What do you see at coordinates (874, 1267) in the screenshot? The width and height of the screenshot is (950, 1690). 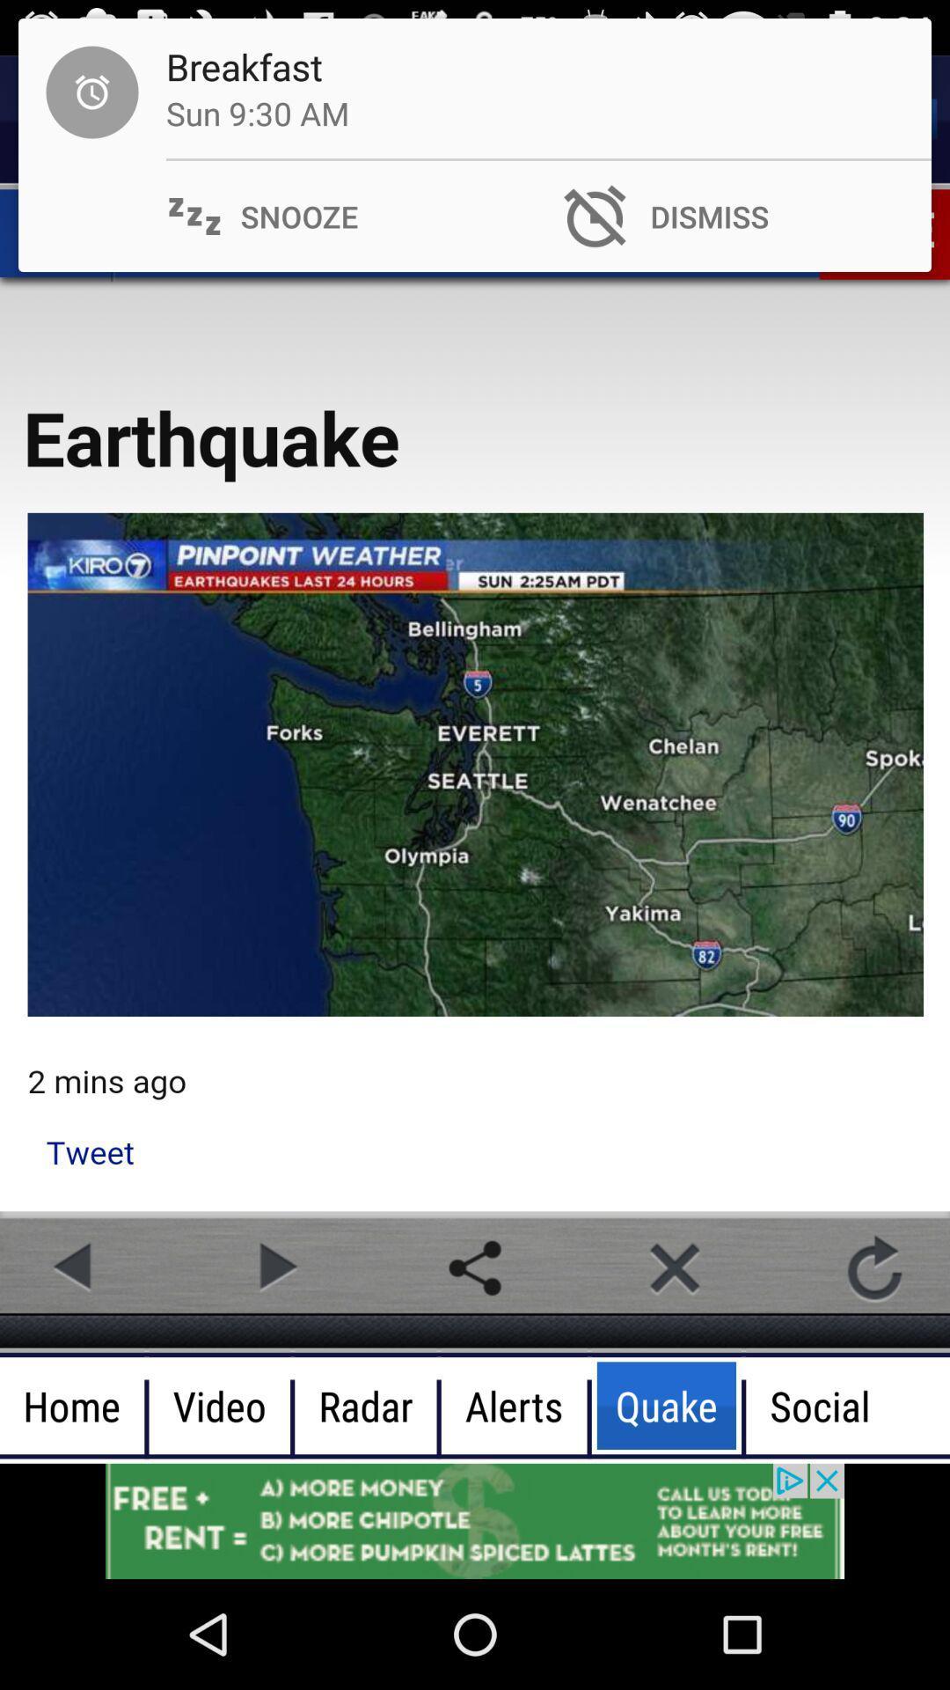 I see `the refresh icon` at bounding box center [874, 1267].